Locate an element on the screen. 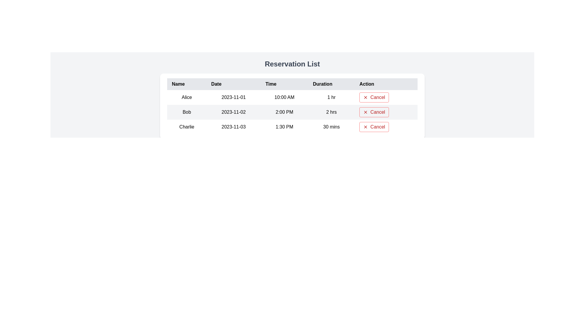 The width and height of the screenshot is (567, 319). the cancel button under the 'Action' header for the entry 'Alice' to potentially reveal additional information or change its appearance is located at coordinates (386, 97).